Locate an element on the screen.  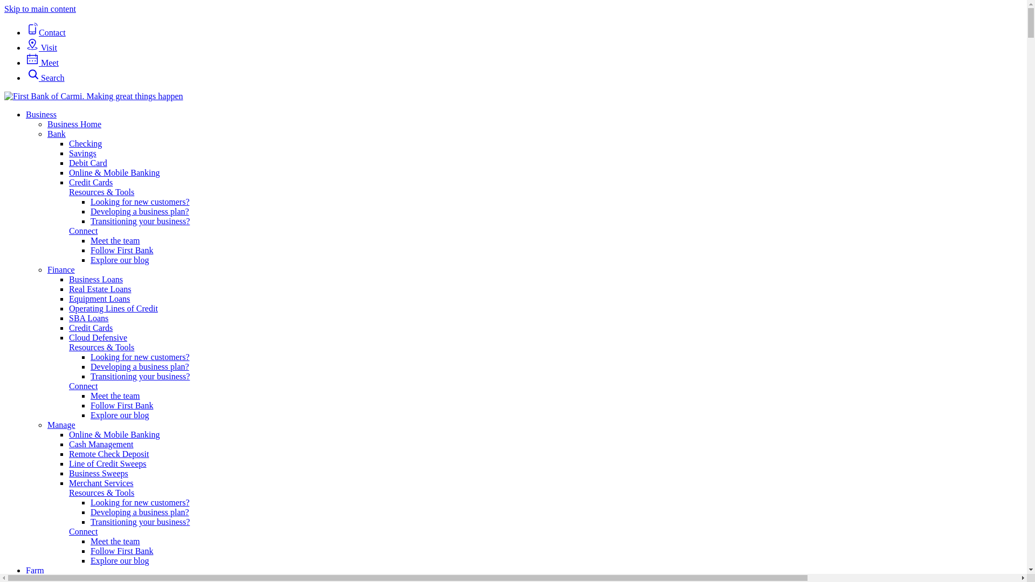
'SBA Loans' is located at coordinates (68, 317).